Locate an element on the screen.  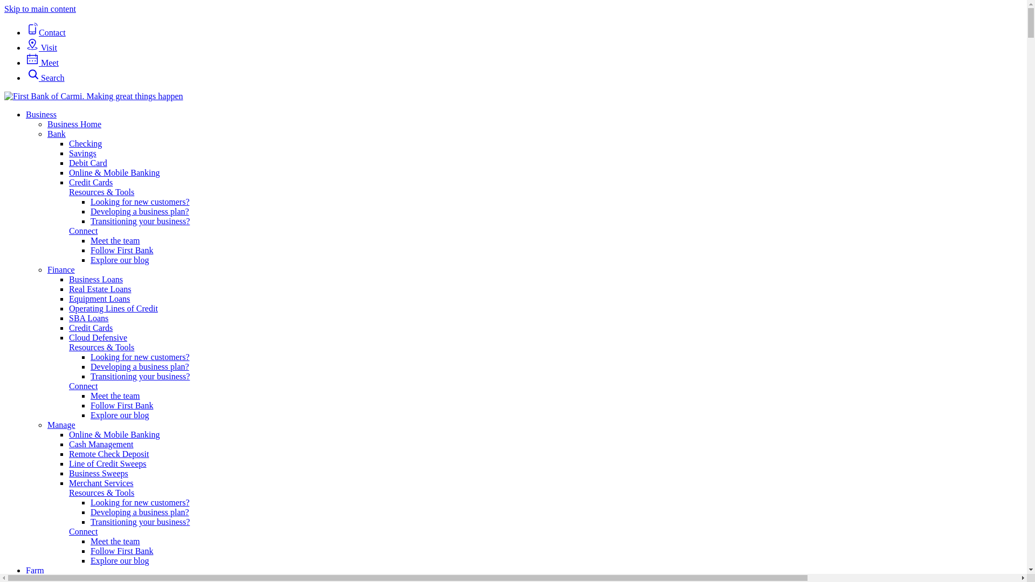
'SBA Loans' is located at coordinates (68, 317).